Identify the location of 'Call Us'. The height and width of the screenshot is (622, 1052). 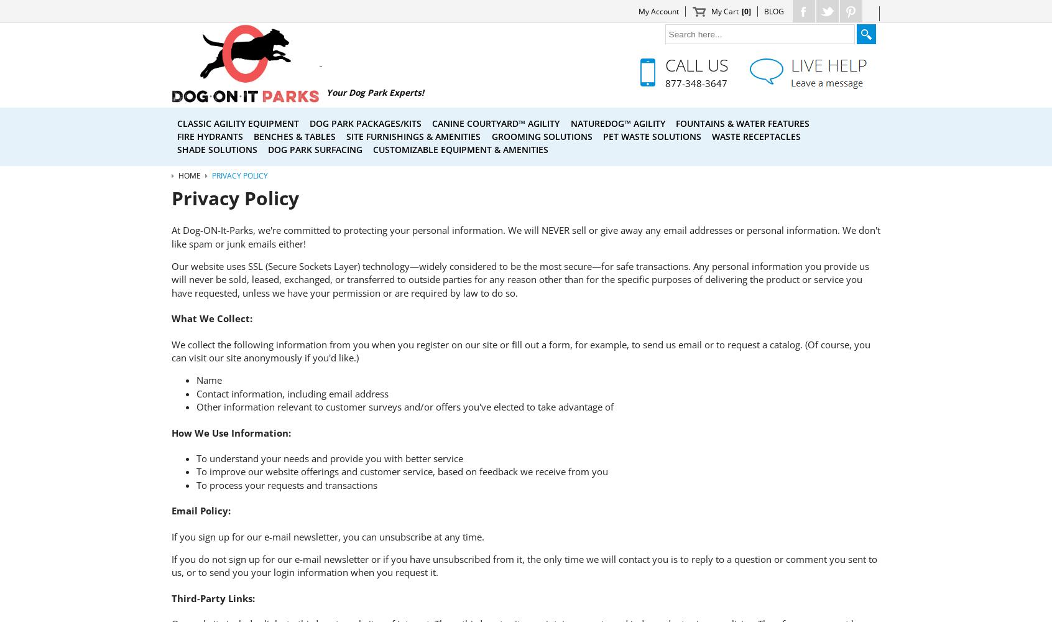
(696, 64).